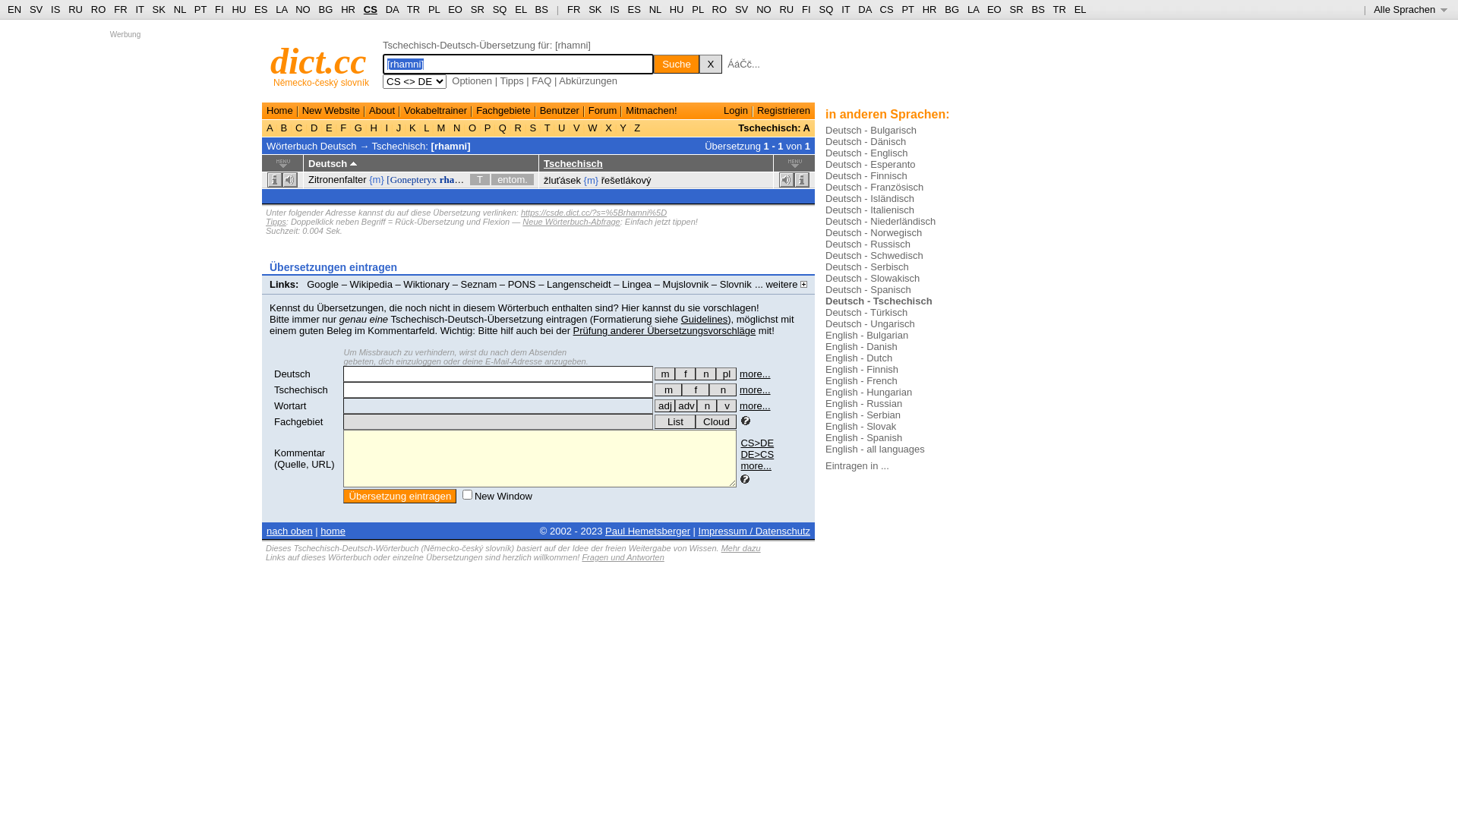 The height and width of the screenshot is (820, 1458). Describe the element at coordinates (1079, 9) in the screenshot. I see `'EL'` at that location.